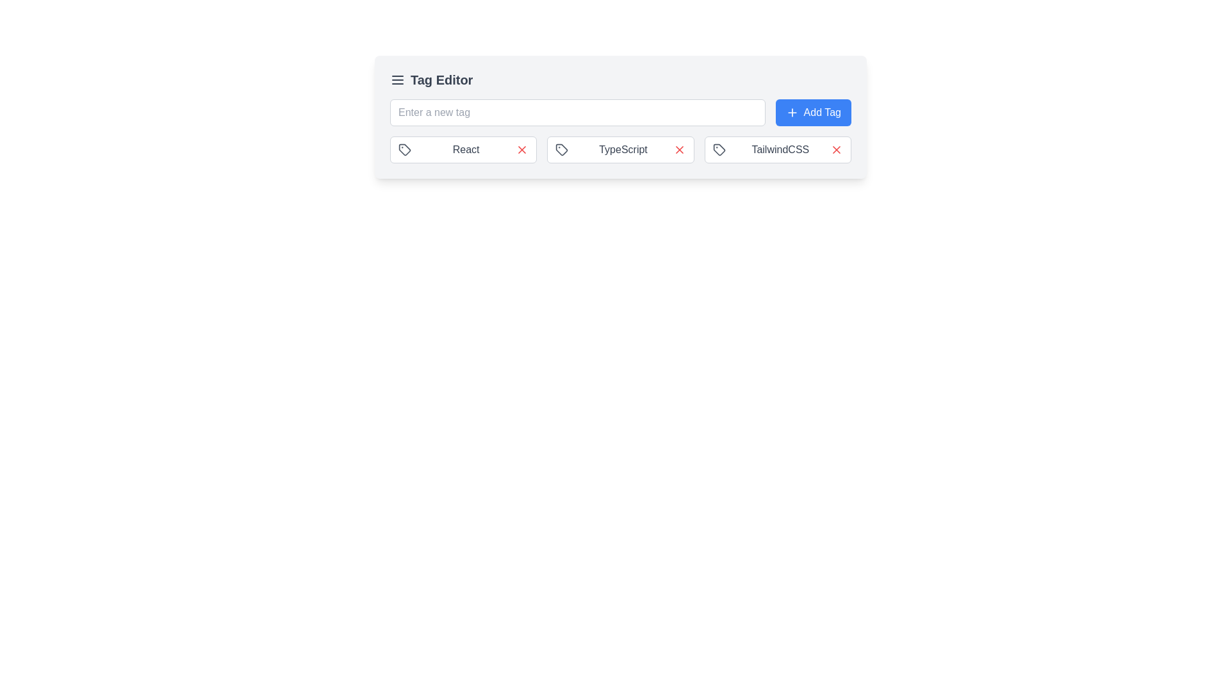 The width and height of the screenshot is (1230, 692). What do you see at coordinates (791, 112) in the screenshot?
I see `the small plus icon inside the 'Add Tag' button` at bounding box center [791, 112].